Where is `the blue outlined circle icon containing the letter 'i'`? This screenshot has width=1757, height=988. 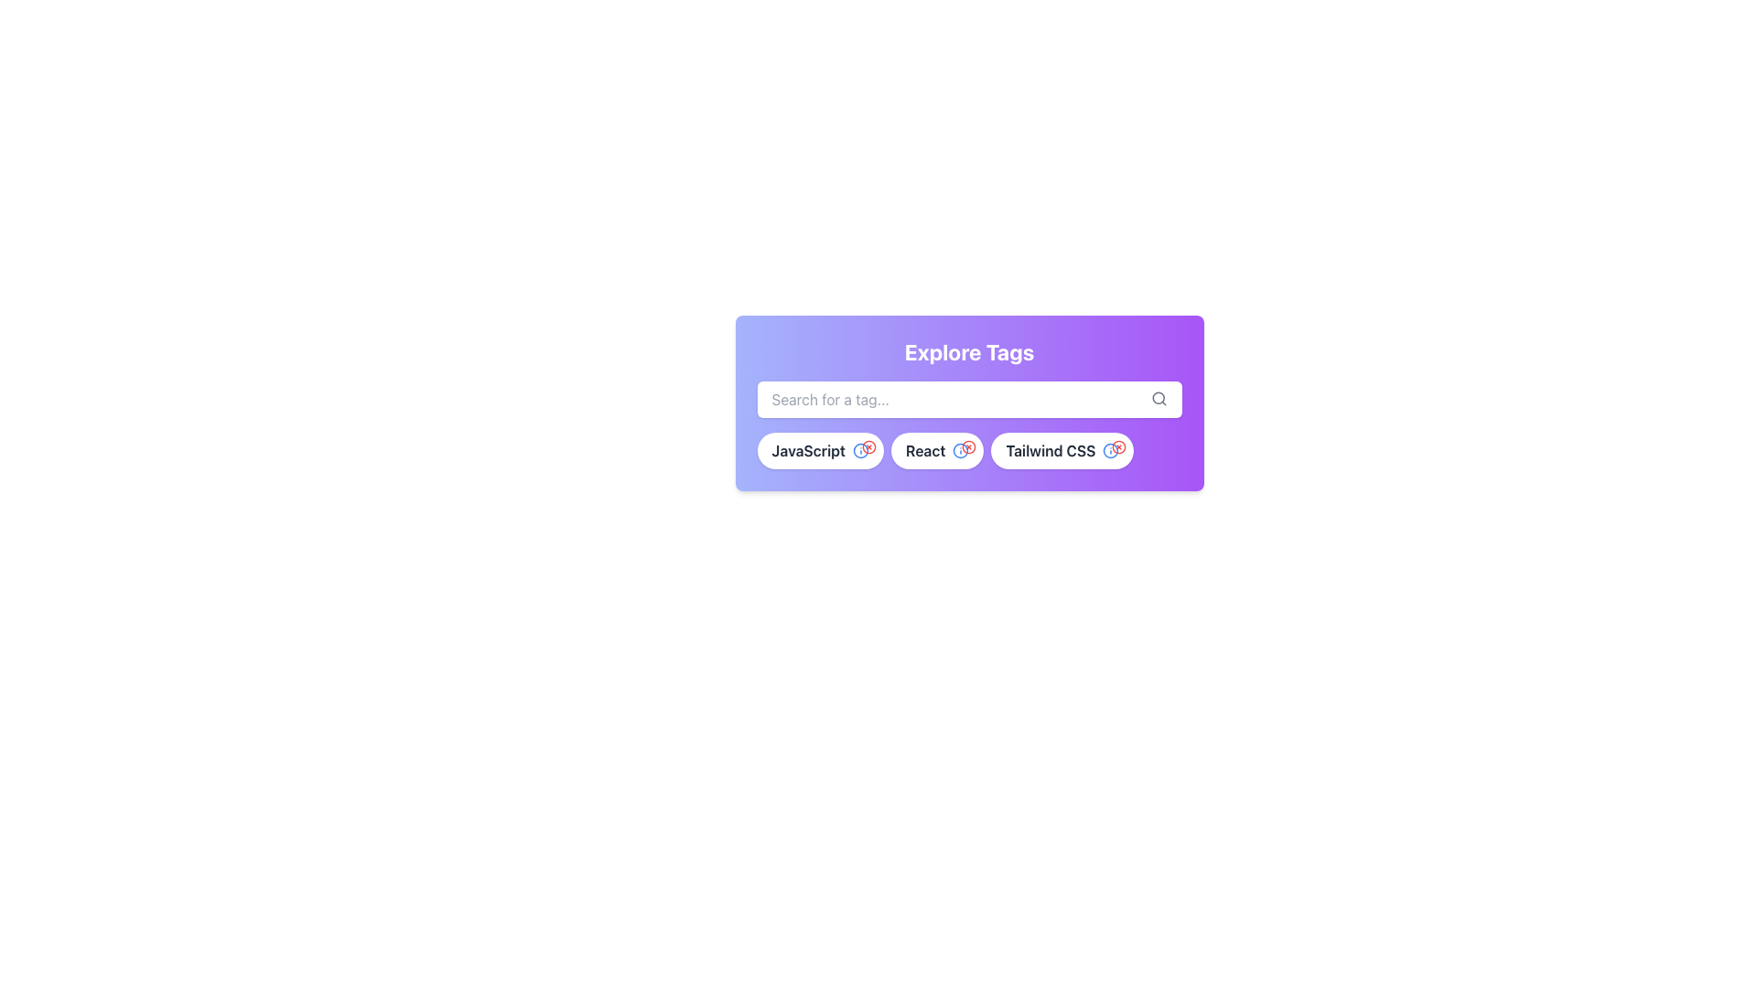 the blue outlined circle icon containing the letter 'i' is located at coordinates (960, 451).